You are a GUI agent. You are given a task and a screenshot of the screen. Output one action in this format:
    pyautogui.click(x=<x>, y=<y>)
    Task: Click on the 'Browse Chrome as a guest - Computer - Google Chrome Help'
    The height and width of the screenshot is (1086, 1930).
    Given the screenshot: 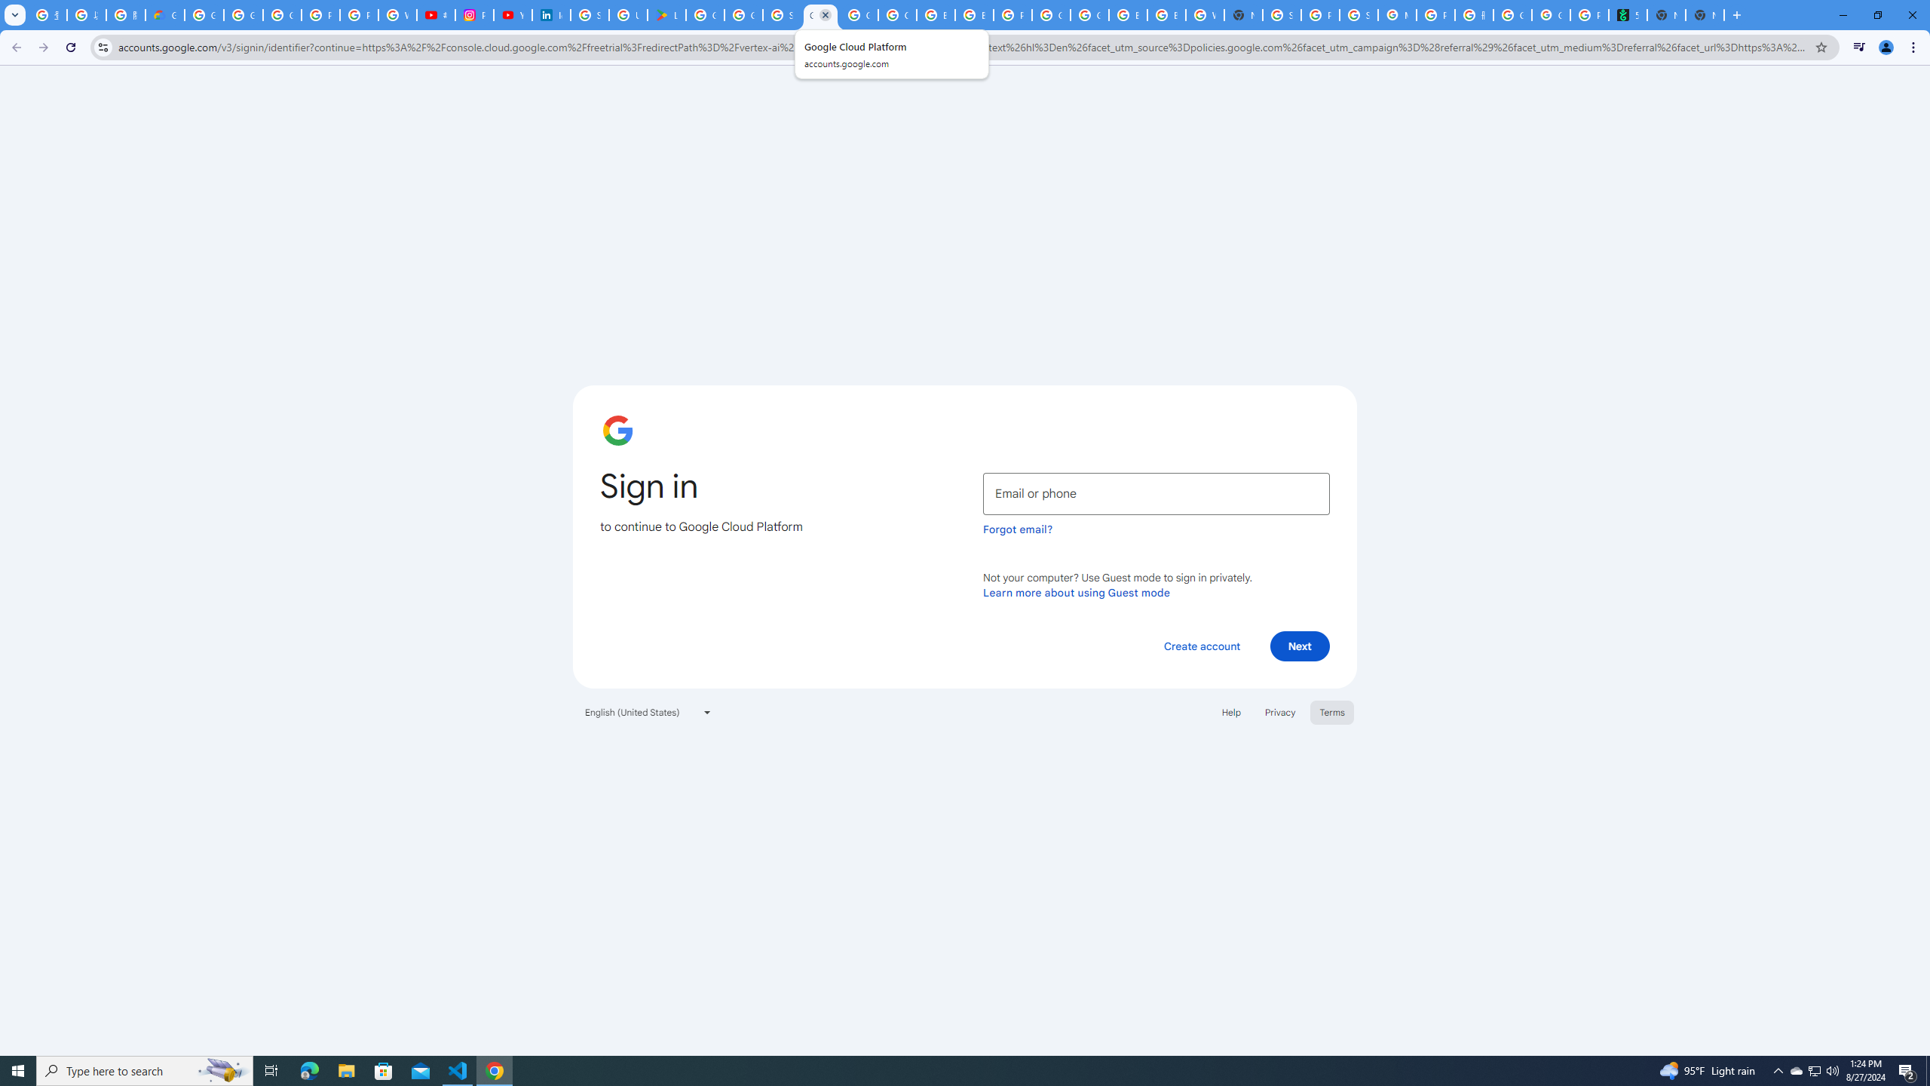 What is the action you would take?
    pyautogui.click(x=1128, y=14)
    